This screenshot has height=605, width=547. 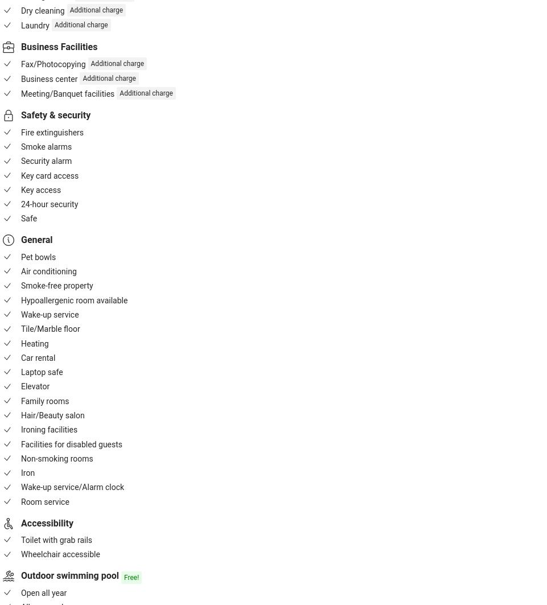 I want to click on 'Wake-up service/Alarm clock', so click(x=72, y=487).